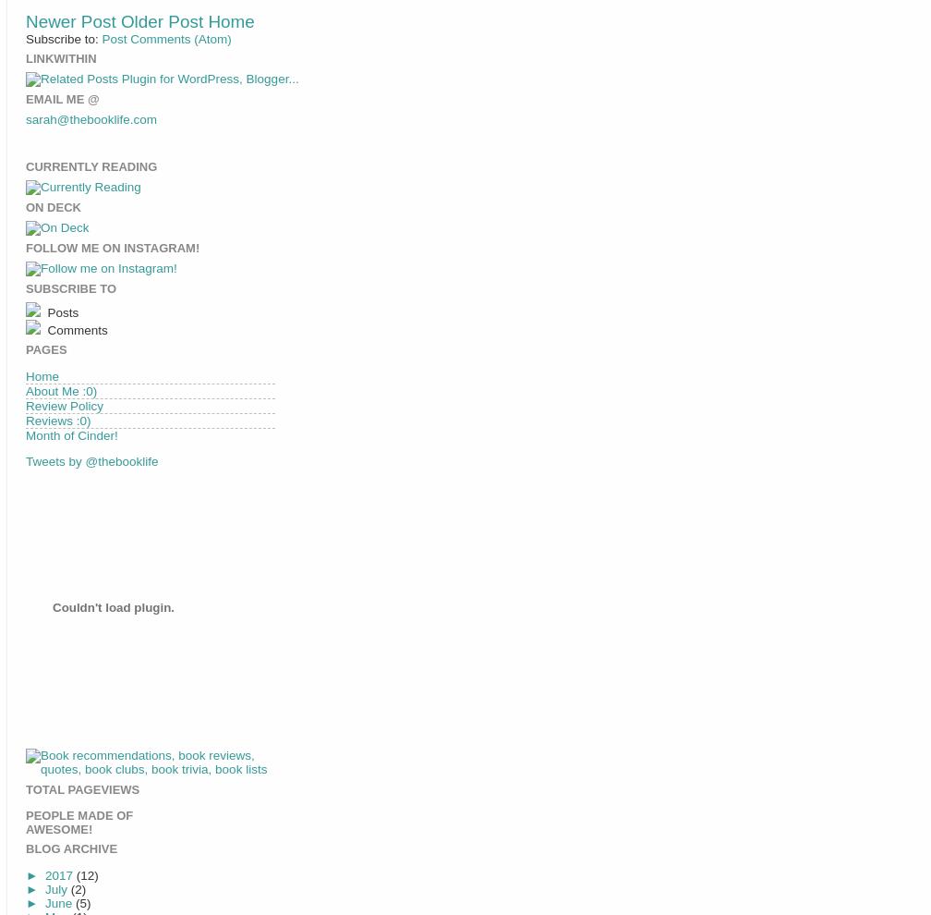 Image resolution: width=931 pixels, height=915 pixels. What do you see at coordinates (58, 420) in the screenshot?
I see `'Reviews :0)'` at bounding box center [58, 420].